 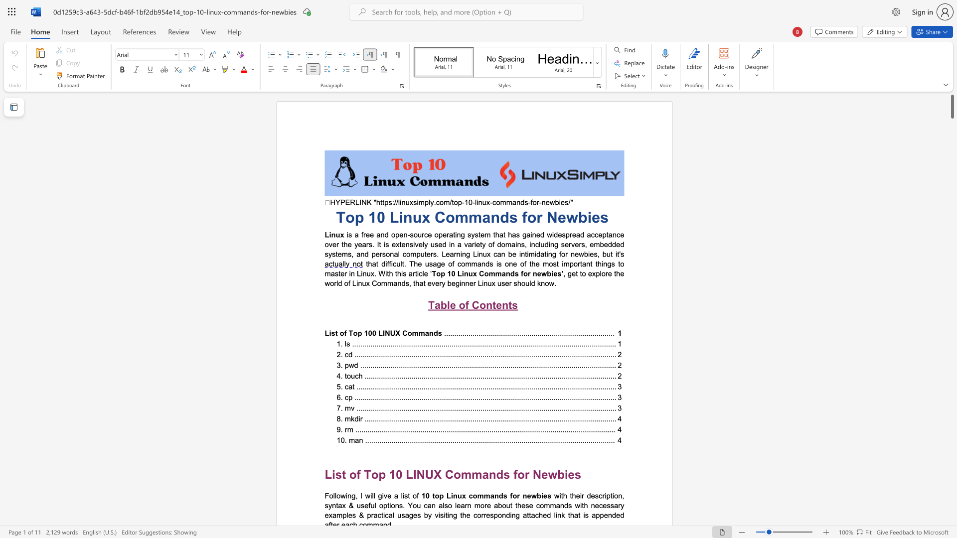 What do you see at coordinates (520, 273) in the screenshot?
I see `the subset text "for n" within the text "for newbies’"` at bounding box center [520, 273].